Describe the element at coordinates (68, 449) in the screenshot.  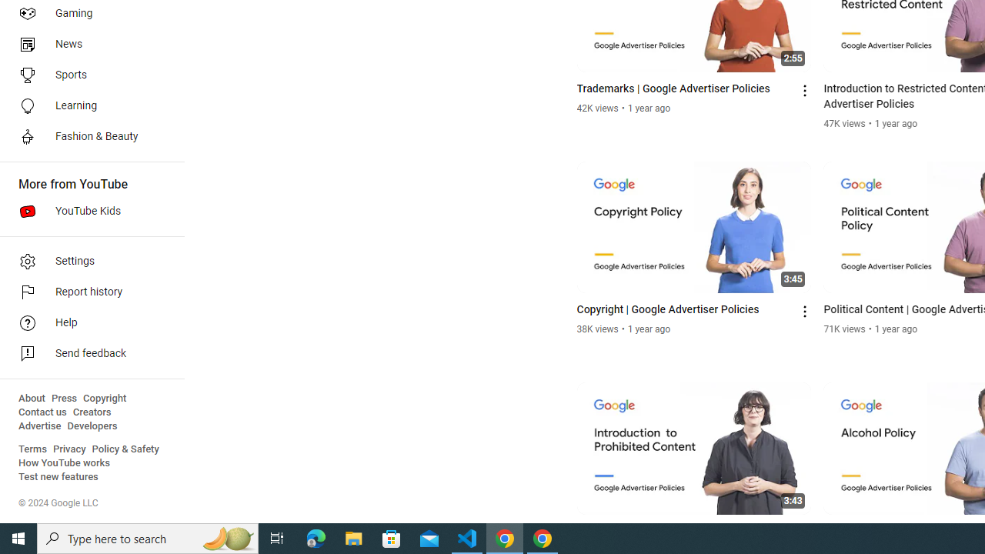
I see `'Privacy'` at that location.